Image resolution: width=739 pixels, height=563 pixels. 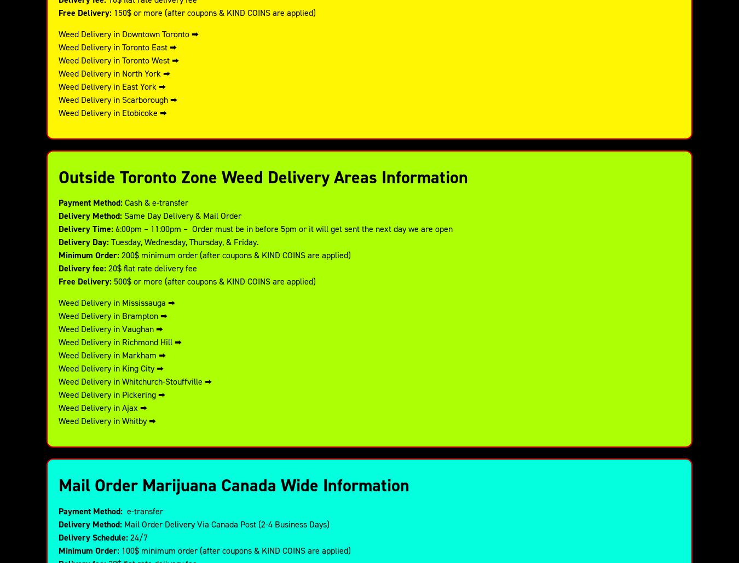 I want to click on 'Weed Delivery in King City ⮕', so click(x=58, y=367).